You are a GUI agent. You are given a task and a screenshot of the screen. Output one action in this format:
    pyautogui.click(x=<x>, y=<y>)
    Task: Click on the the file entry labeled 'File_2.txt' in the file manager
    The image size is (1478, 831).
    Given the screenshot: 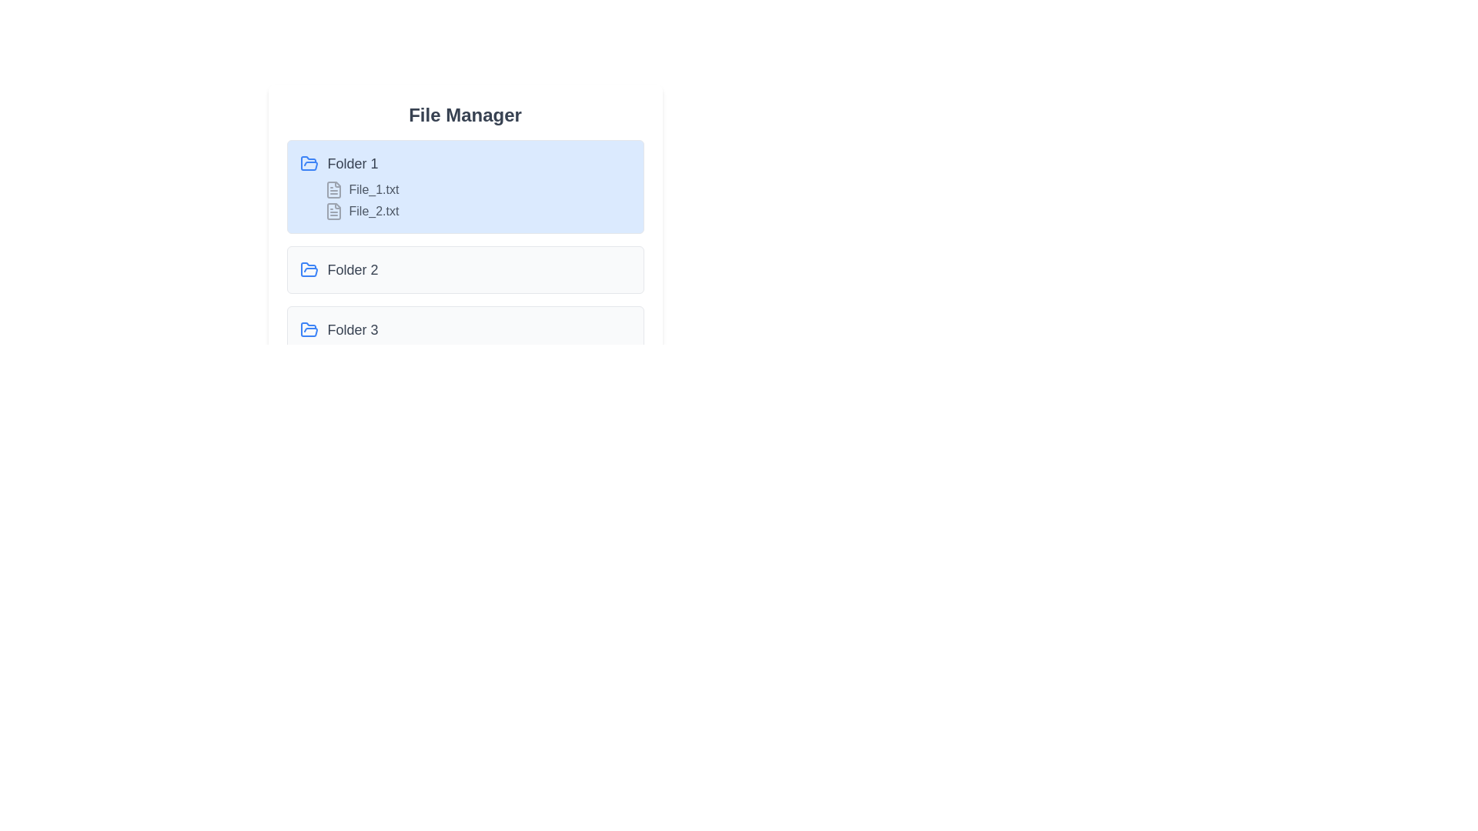 What is the action you would take?
    pyautogui.click(x=477, y=211)
    